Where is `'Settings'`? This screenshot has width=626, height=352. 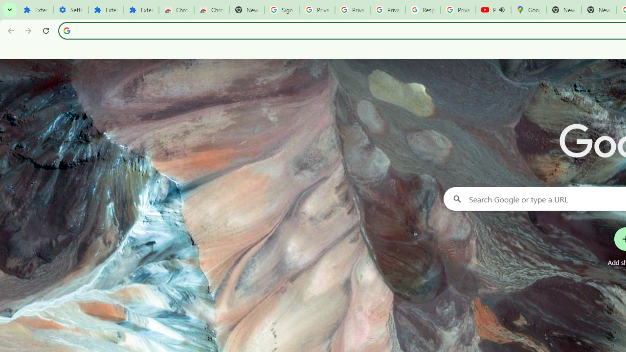
'Settings' is located at coordinates (70, 10).